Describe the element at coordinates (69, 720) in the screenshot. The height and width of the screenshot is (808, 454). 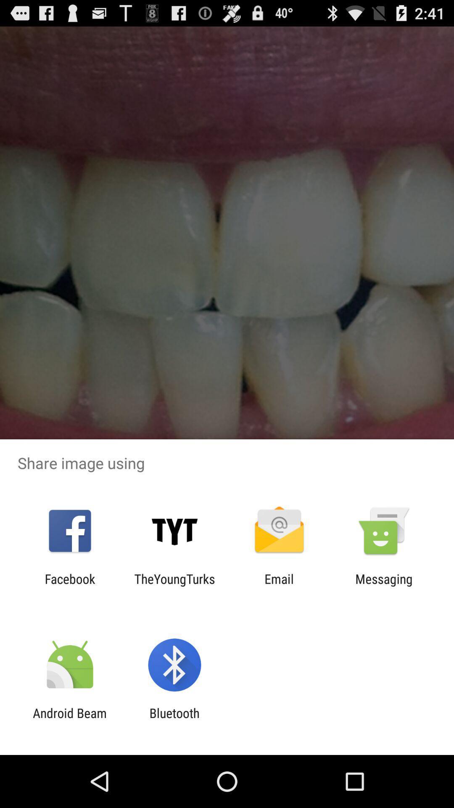
I see `the android beam app` at that location.